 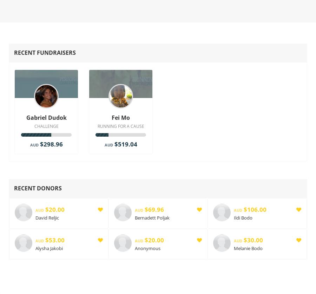 I want to click on 'Anonymous', so click(x=147, y=248).